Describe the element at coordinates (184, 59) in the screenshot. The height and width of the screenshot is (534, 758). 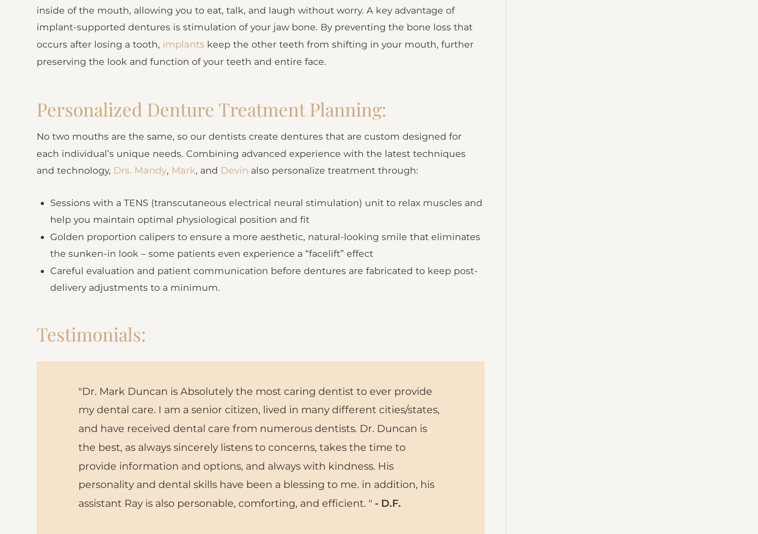
I see `'implants'` at that location.